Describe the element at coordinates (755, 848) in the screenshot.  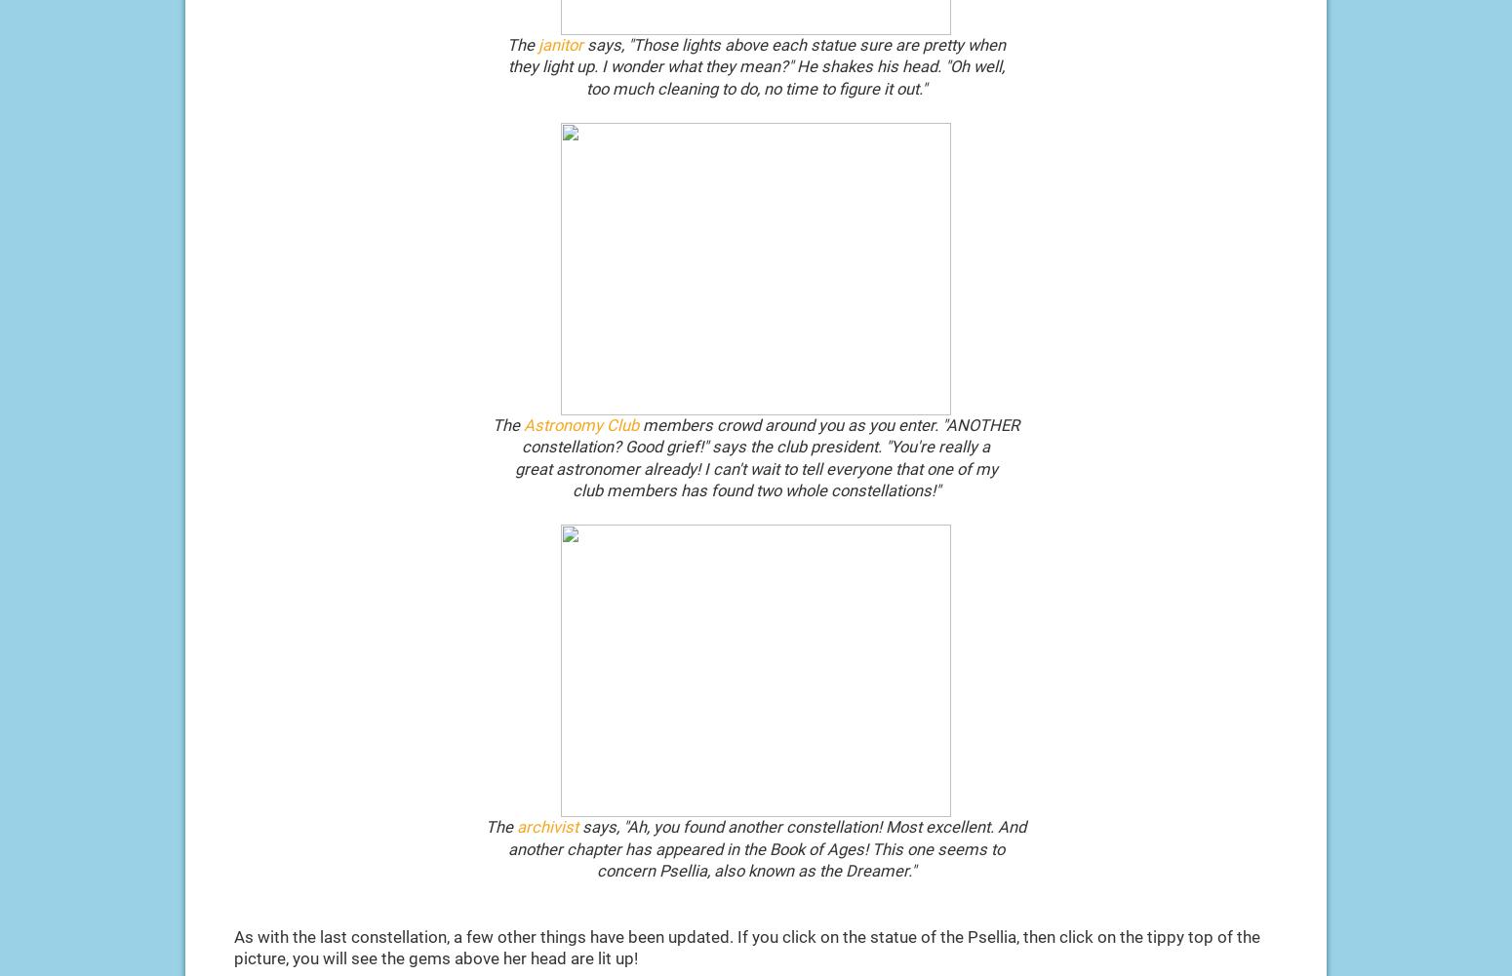
I see `'another chapter has appeared in the Book of Ages! This one seems to'` at that location.